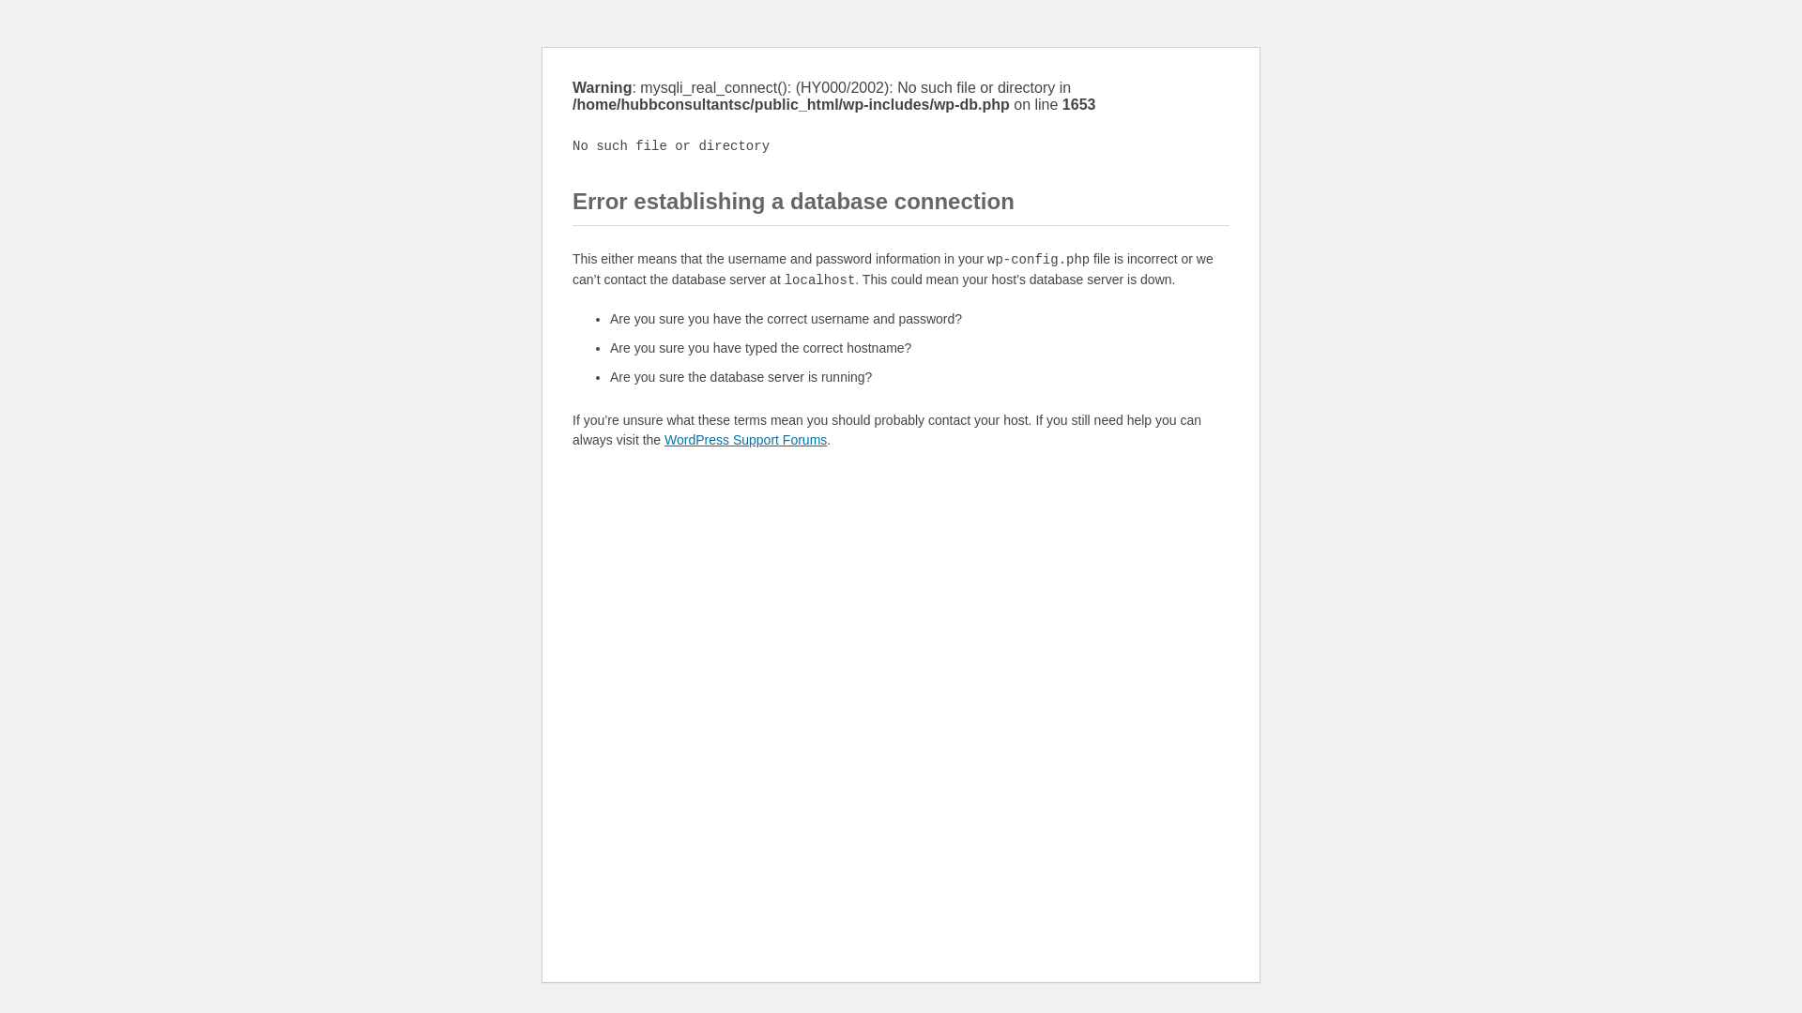  What do you see at coordinates (744, 440) in the screenshot?
I see `'WordPress Support Forums'` at bounding box center [744, 440].